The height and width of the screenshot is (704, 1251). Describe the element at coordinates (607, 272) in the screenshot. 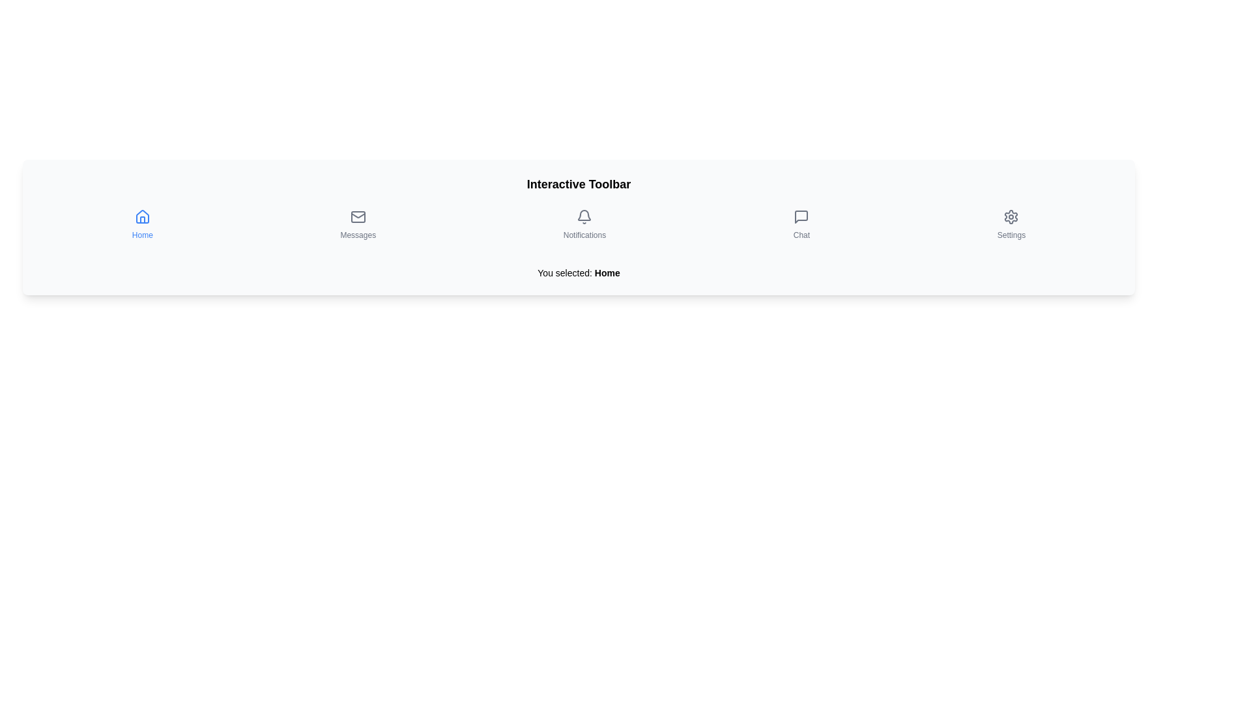

I see `bold-styled text that reads 'Home', which is part of the statement 'You selected: Home' displayed below the interactive toolbar` at that location.